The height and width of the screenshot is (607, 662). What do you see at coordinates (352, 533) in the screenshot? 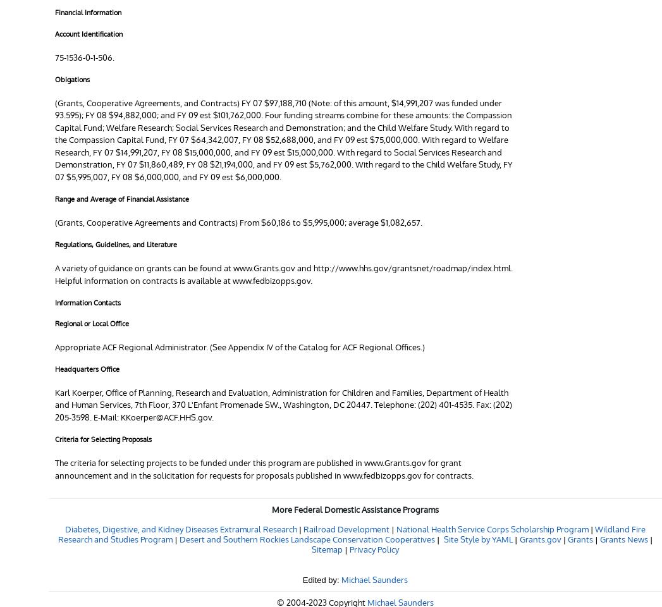
I see `'Wildland Fire Research and Studies Program'` at bounding box center [352, 533].